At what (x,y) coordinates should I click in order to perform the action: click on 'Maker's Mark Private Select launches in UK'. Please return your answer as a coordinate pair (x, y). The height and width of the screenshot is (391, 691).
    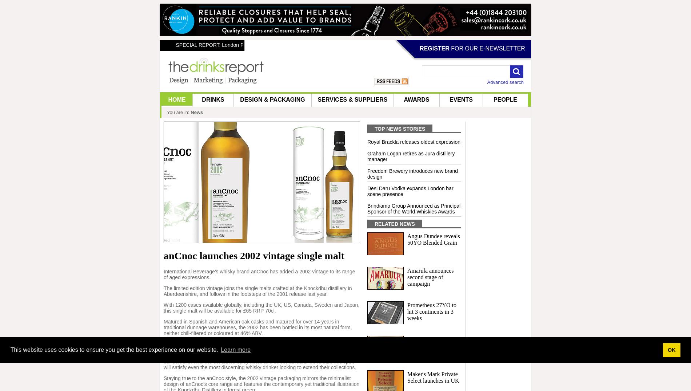
    Looking at the image, I should click on (432, 377).